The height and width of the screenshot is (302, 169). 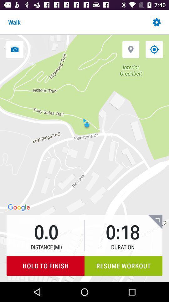 I want to click on capture photo, so click(x=15, y=49).